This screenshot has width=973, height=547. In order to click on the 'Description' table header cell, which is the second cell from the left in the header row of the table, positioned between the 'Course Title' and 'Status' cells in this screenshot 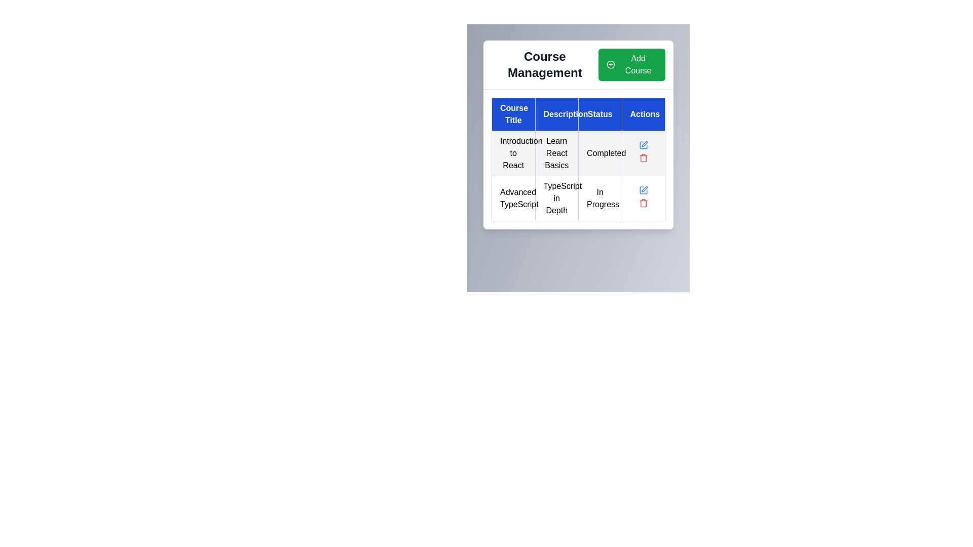, I will do `click(556, 114)`.